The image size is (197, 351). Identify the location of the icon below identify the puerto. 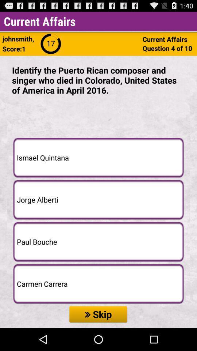
(98, 158).